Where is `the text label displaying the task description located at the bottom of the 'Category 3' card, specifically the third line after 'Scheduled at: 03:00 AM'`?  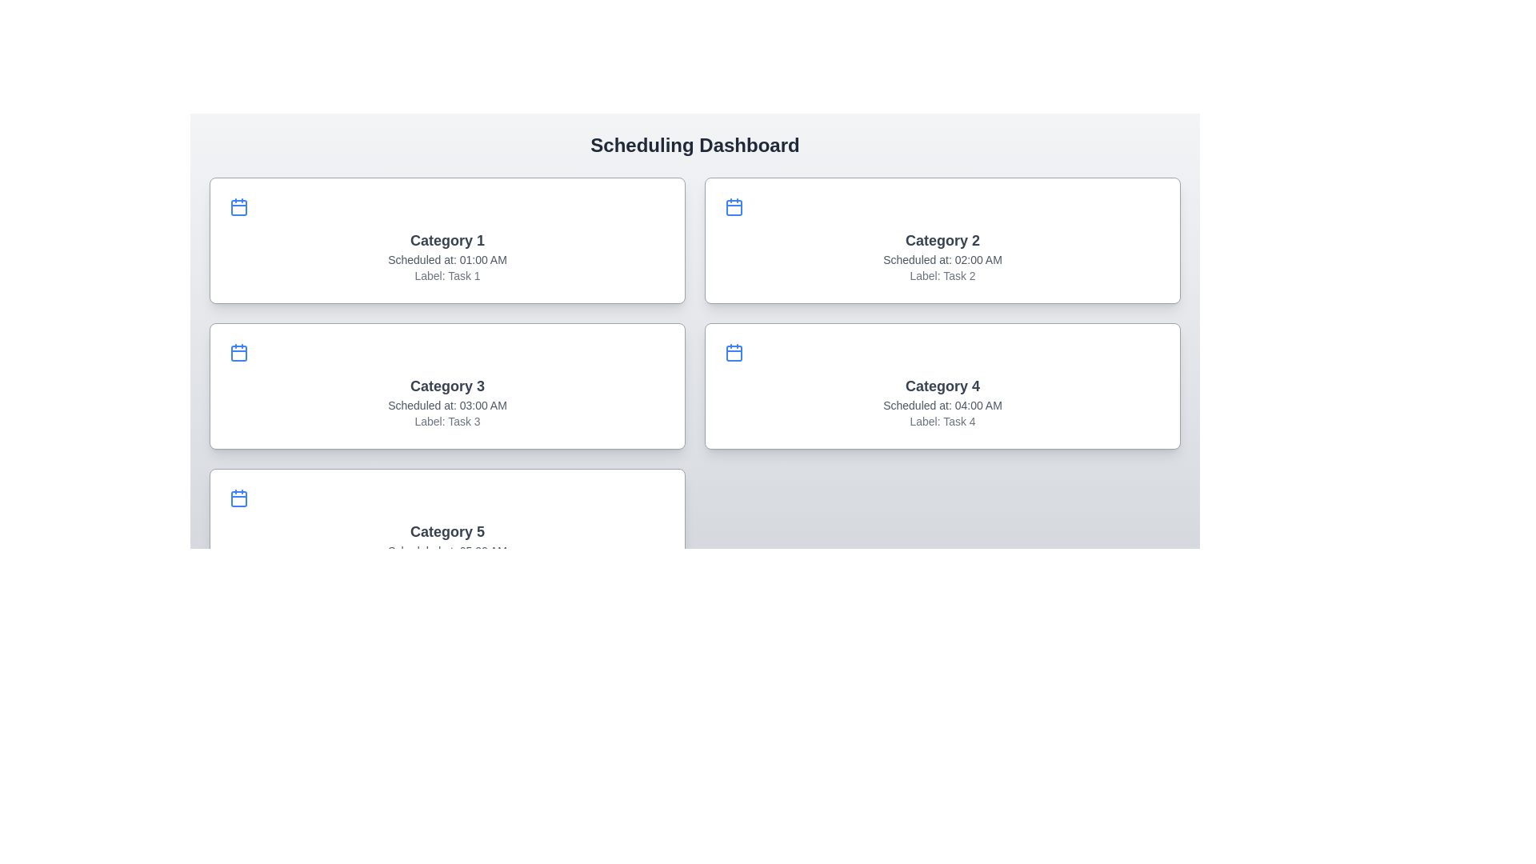
the text label displaying the task description located at the bottom of the 'Category 3' card, specifically the third line after 'Scheduled at: 03:00 AM' is located at coordinates (447, 421).